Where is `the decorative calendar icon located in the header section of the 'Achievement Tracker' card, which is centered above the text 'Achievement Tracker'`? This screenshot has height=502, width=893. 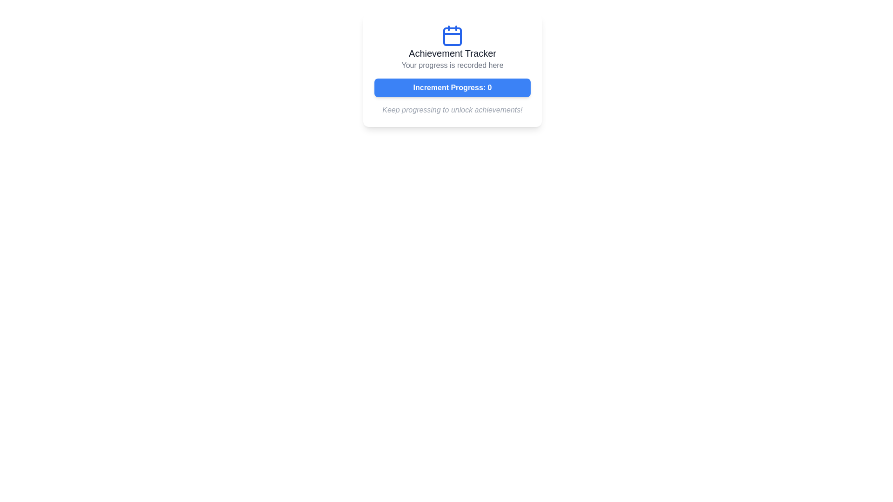 the decorative calendar icon located in the header section of the 'Achievement Tracker' card, which is centered above the text 'Achievement Tracker' is located at coordinates (453, 35).